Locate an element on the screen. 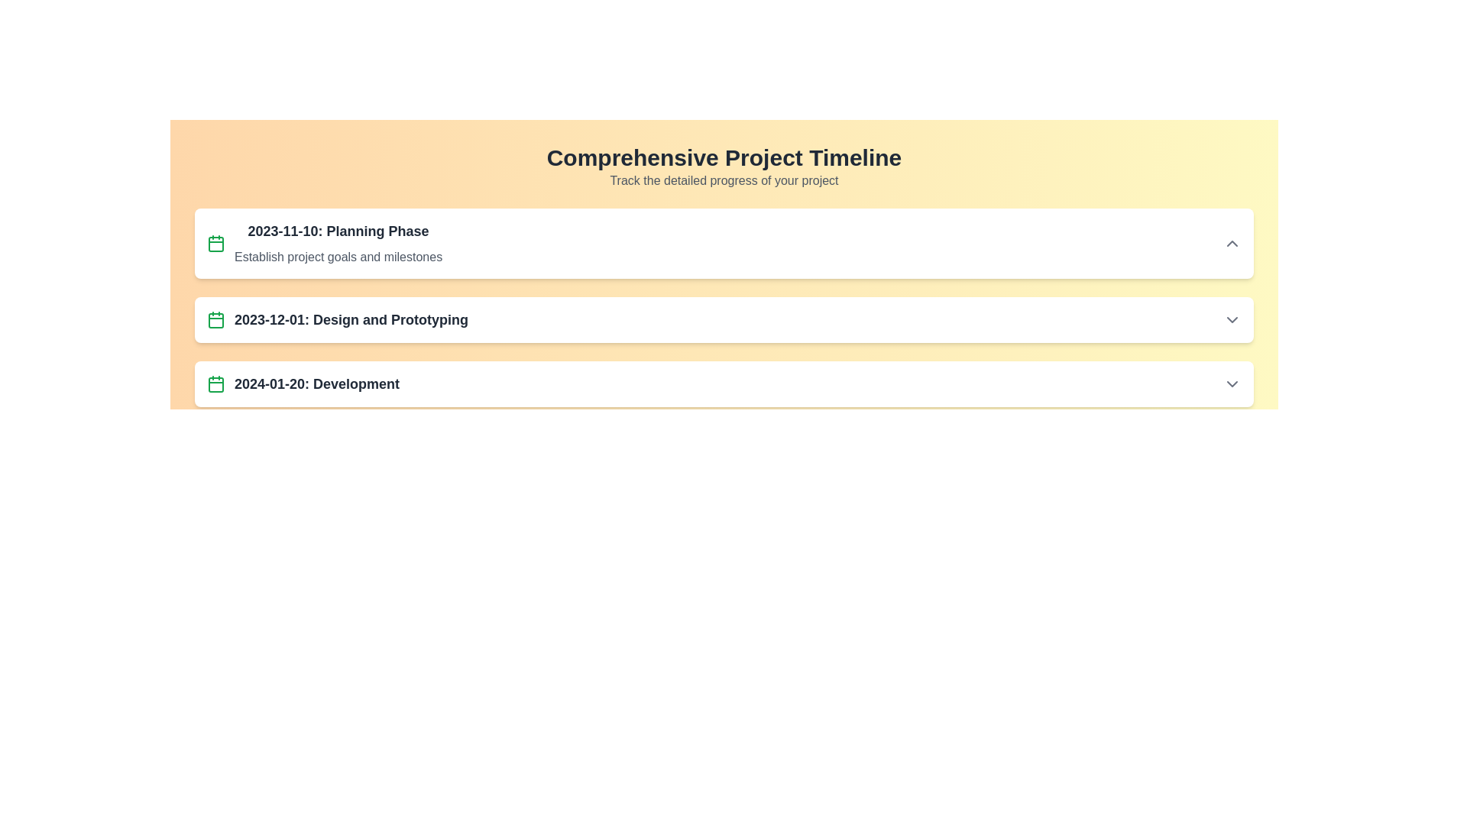 The height and width of the screenshot is (825, 1467). the first item in the vertical list of Text Displays that provides information about a project milestone, located near the top-left of the white card section is located at coordinates (338, 243).